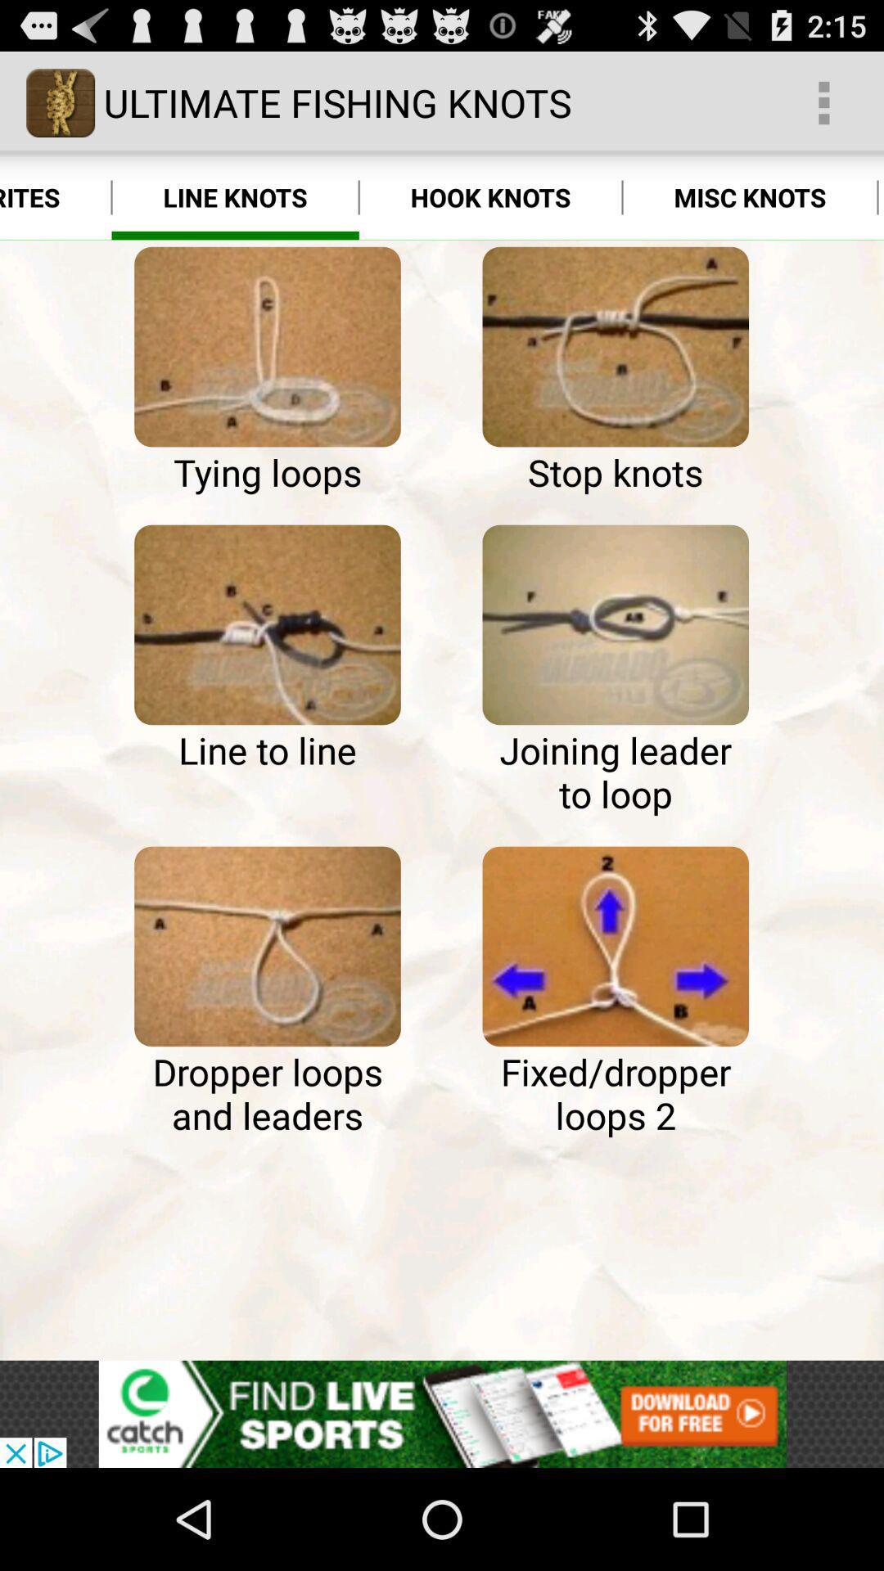  What do you see at coordinates (267, 946) in the screenshot?
I see `dropper loops and leaders instruction` at bounding box center [267, 946].